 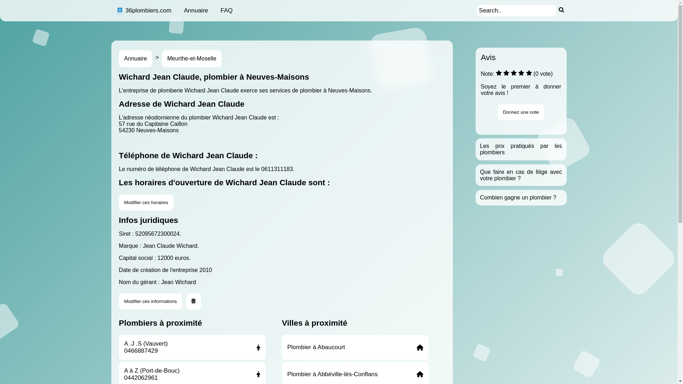 What do you see at coordinates (150, 301) in the screenshot?
I see `'Modifier ces informations'` at bounding box center [150, 301].